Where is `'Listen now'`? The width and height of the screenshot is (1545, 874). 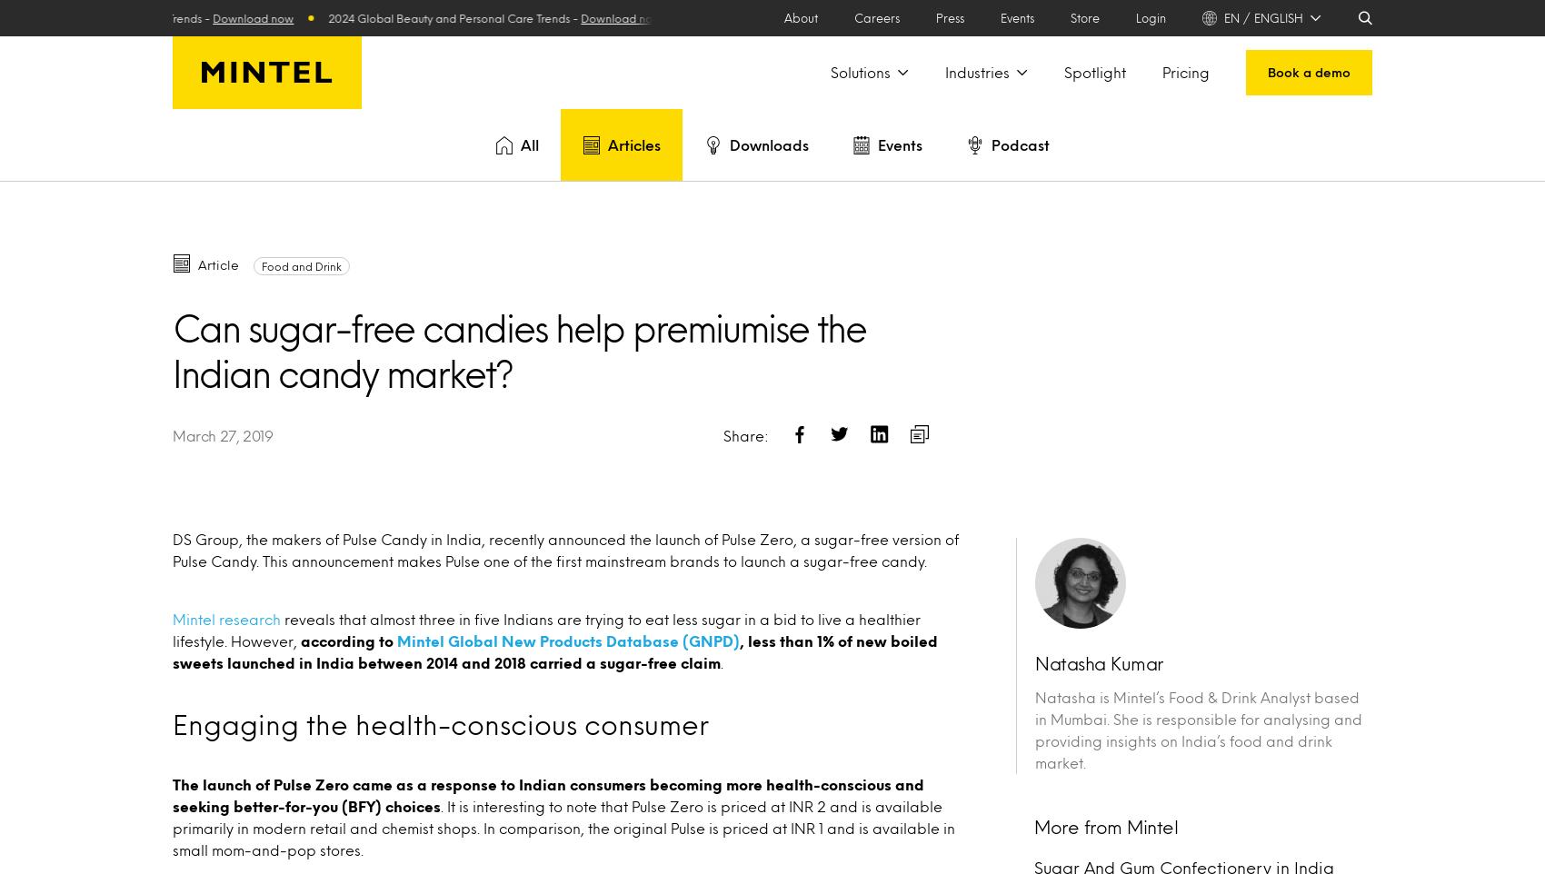 'Listen now' is located at coordinates (1032, 537).